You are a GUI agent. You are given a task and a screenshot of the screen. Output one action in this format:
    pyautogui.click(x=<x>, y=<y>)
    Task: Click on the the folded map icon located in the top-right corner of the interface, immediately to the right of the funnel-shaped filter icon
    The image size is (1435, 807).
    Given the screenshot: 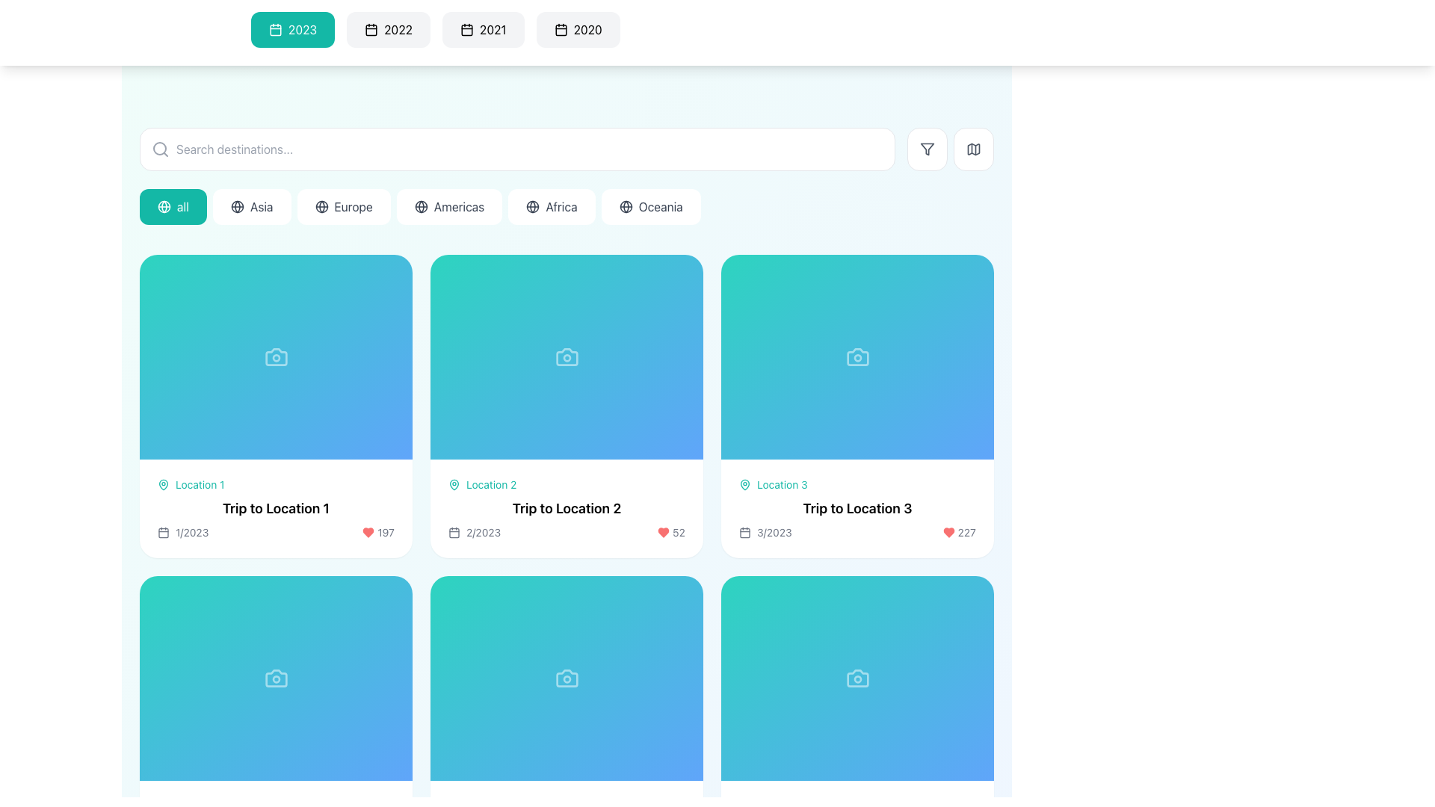 What is the action you would take?
    pyautogui.click(x=973, y=149)
    